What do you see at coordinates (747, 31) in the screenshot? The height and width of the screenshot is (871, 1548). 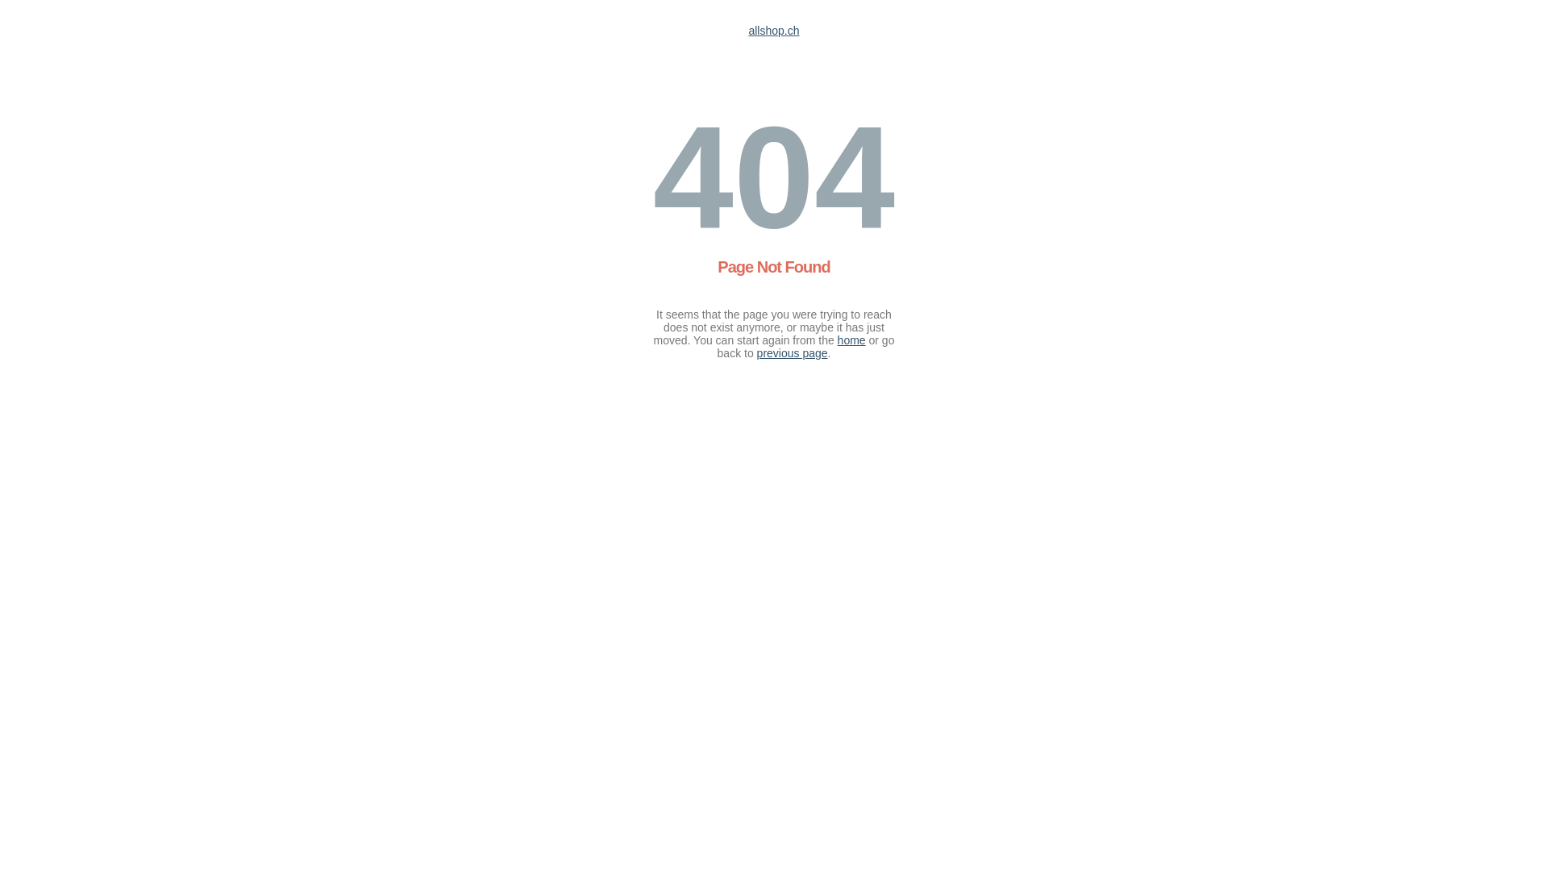 I see `'allshop.ch'` at bounding box center [747, 31].